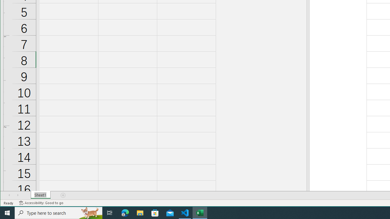 The width and height of the screenshot is (390, 219). I want to click on 'Sheet Tab', so click(40, 195).